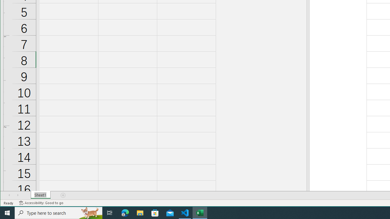 The width and height of the screenshot is (390, 219). I want to click on 'Sheet Tab', so click(40, 195).